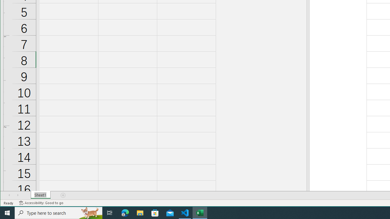 The width and height of the screenshot is (390, 219). I want to click on 'Sheet Tab', so click(40, 195).